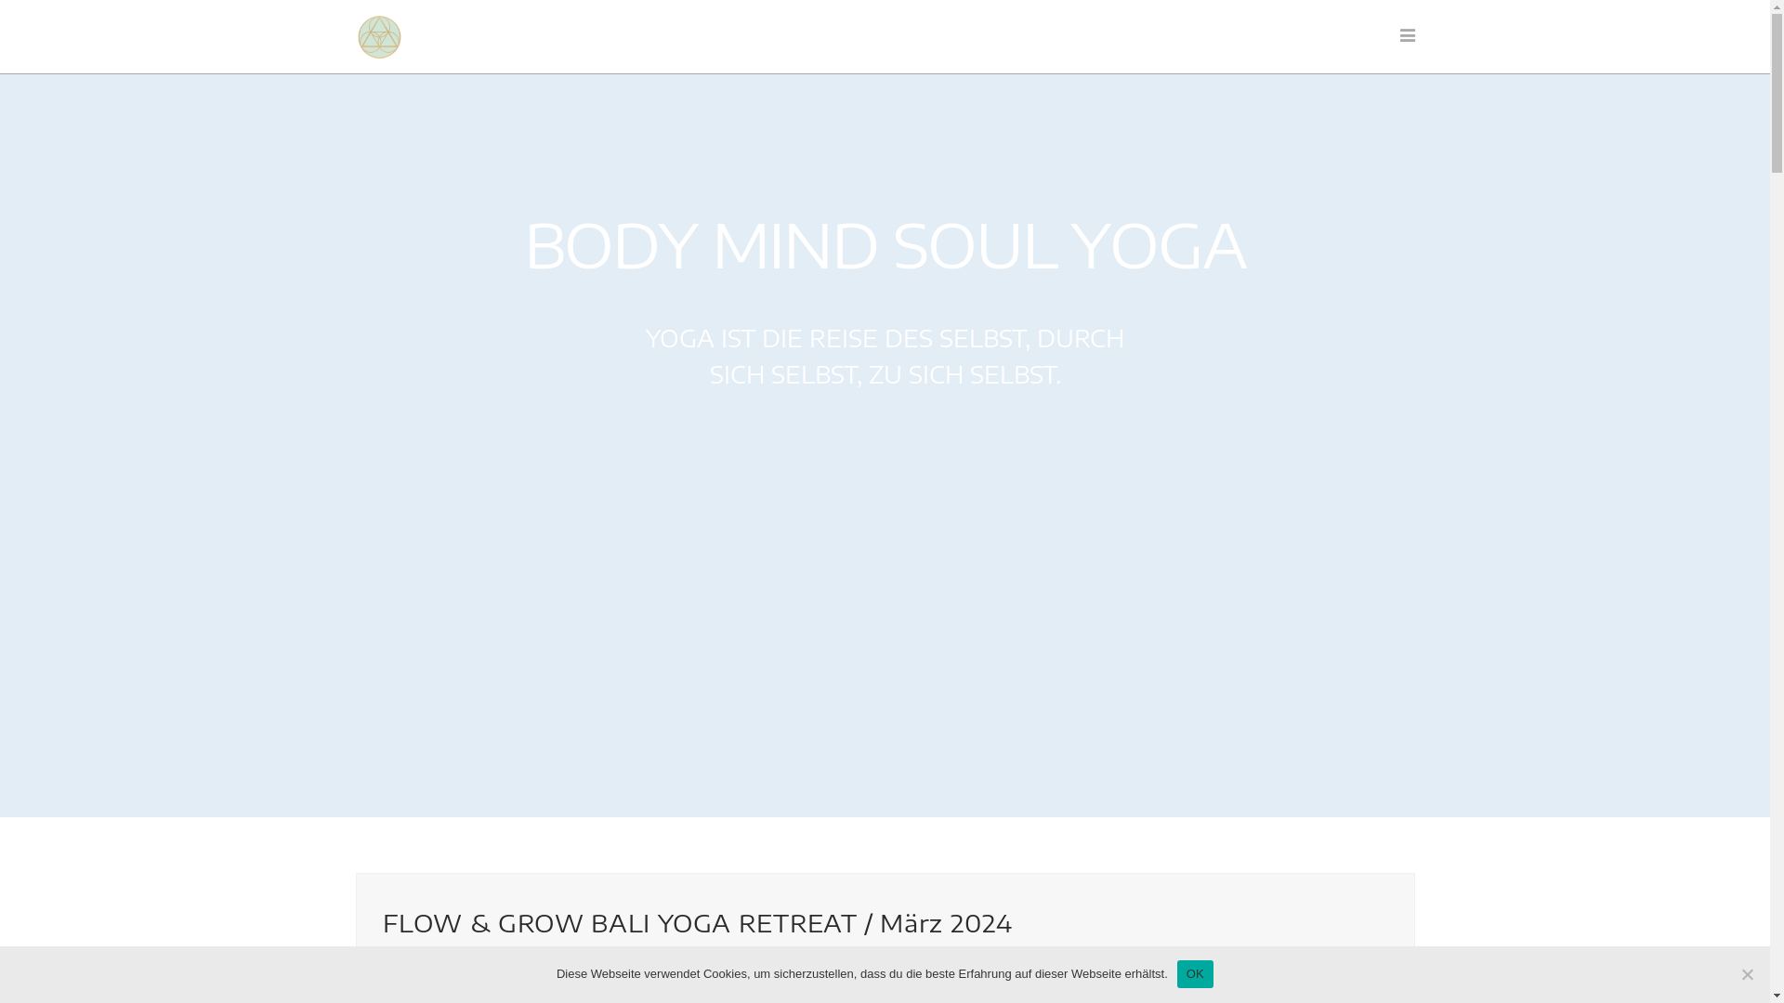 The height and width of the screenshot is (1003, 1784). Describe the element at coordinates (1195, 973) in the screenshot. I see `'OK'` at that location.